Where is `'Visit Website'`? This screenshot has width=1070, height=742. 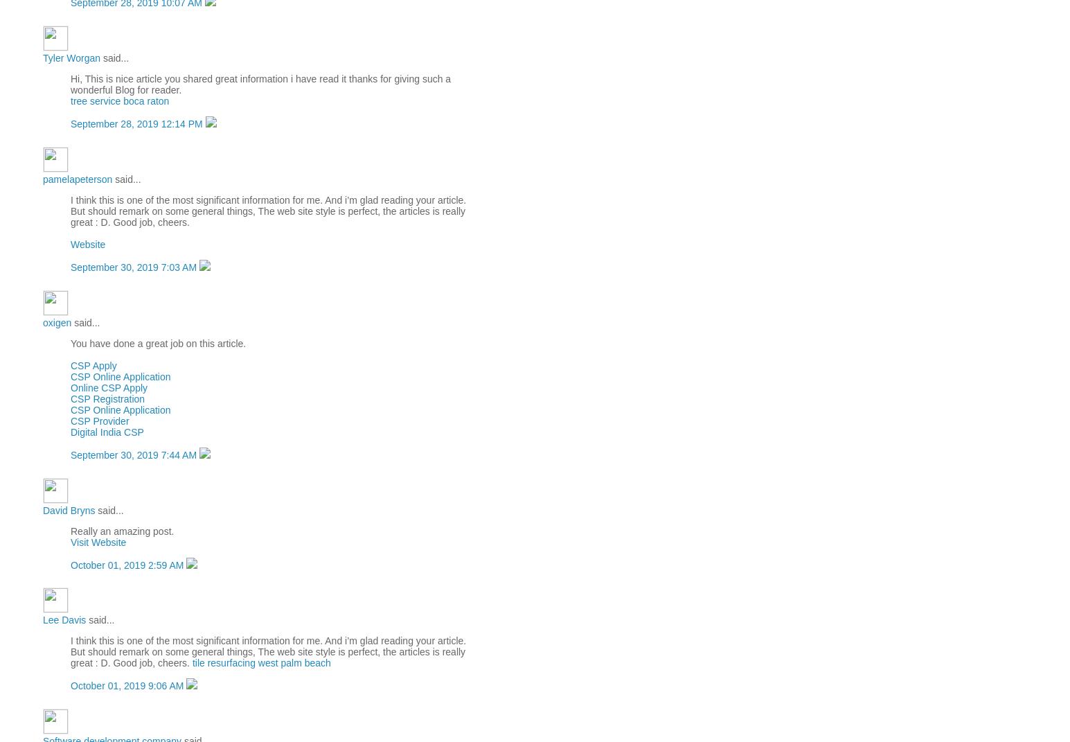 'Visit Website' is located at coordinates (97, 541).